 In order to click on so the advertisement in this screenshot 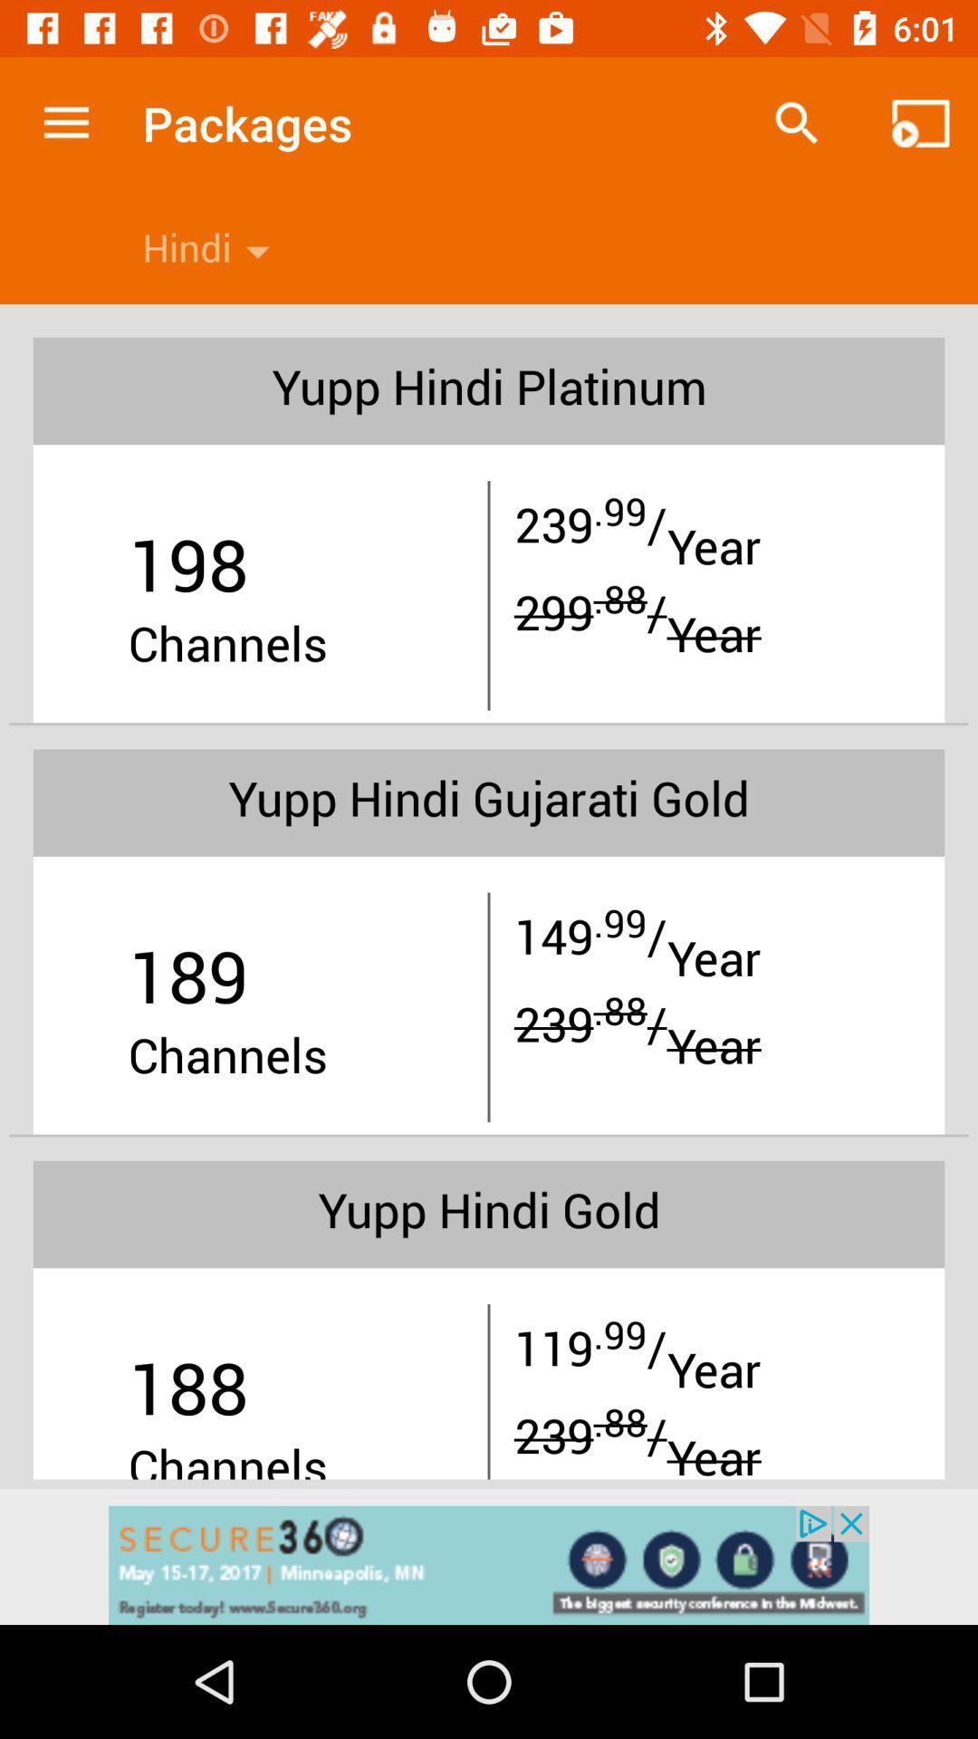, I will do `click(489, 1564)`.